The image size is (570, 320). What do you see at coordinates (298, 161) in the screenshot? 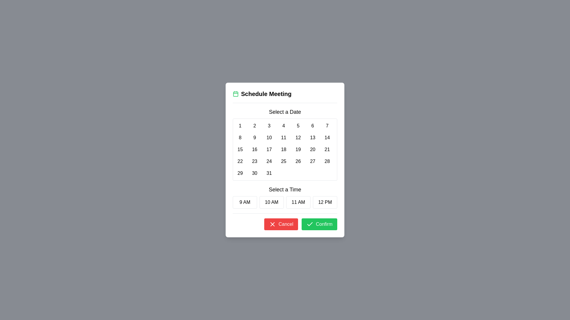
I see `the button containing the number '26' in the 'Select a Date' section of the calendar` at bounding box center [298, 161].